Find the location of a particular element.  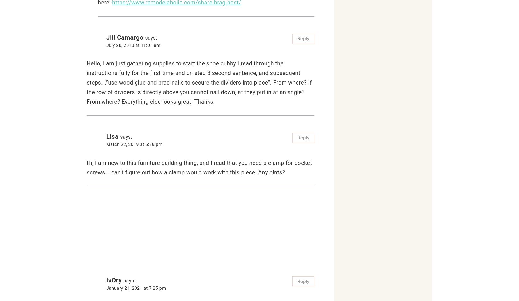

'IvOry' is located at coordinates (106, 279).